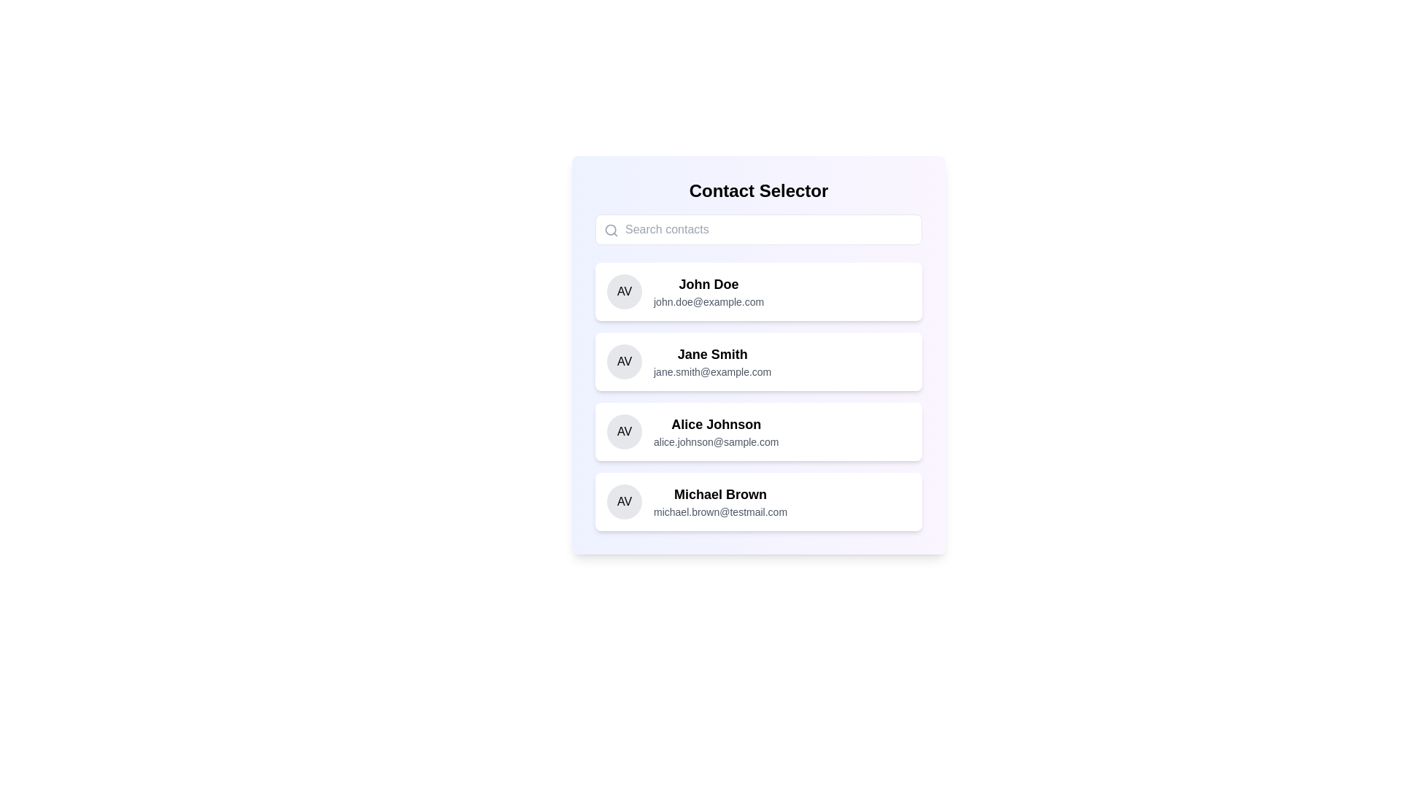 The width and height of the screenshot is (1401, 788). What do you see at coordinates (624, 361) in the screenshot?
I see `the Avatar placeholder element, which is a circular design with 'AV' text in bold black on a light gray background, located at the leftmost side of the second card in a vertical list` at bounding box center [624, 361].